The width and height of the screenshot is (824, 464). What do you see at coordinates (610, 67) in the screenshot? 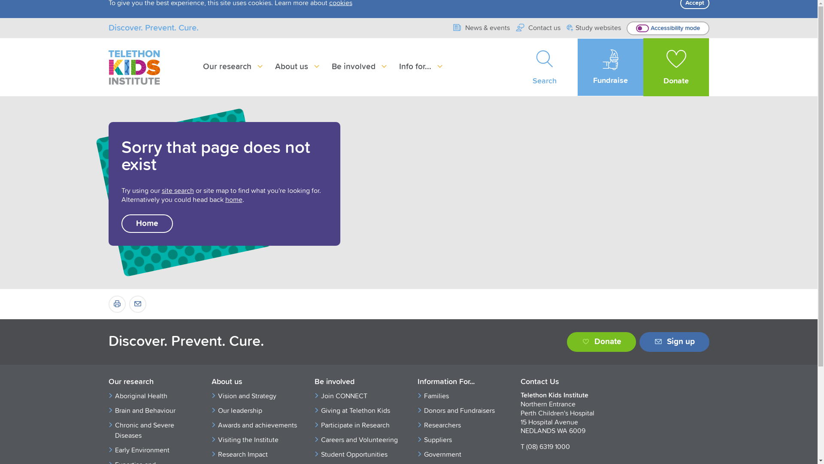
I see `'Fundraise'` at bounding box center [610, 67].